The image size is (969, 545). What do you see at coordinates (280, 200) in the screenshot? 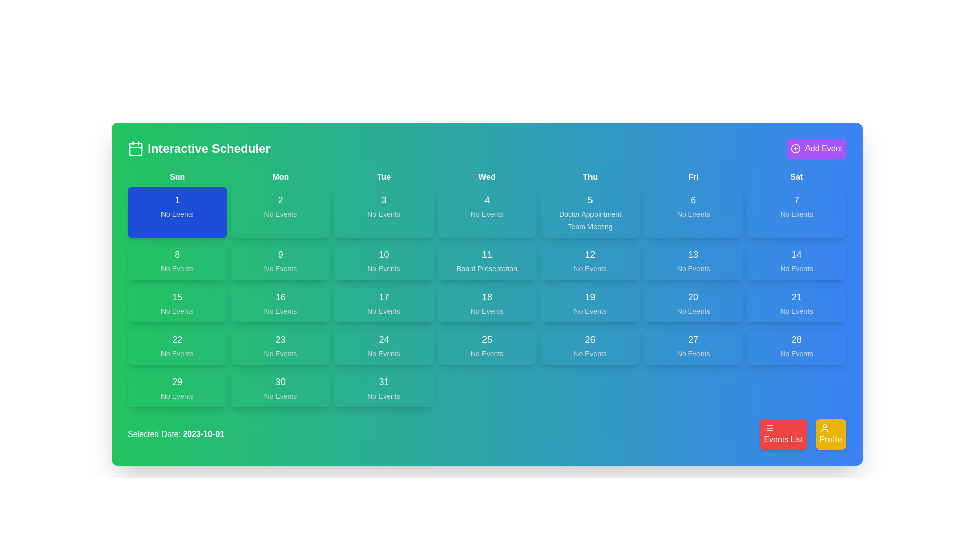
I see `the text element displaying the number '2' in a large font size with medium weight, centered on a green background, located at the top left corner of the 'No Events' box under the Monday column of the calendar interface` at bounding box center [280, 200].